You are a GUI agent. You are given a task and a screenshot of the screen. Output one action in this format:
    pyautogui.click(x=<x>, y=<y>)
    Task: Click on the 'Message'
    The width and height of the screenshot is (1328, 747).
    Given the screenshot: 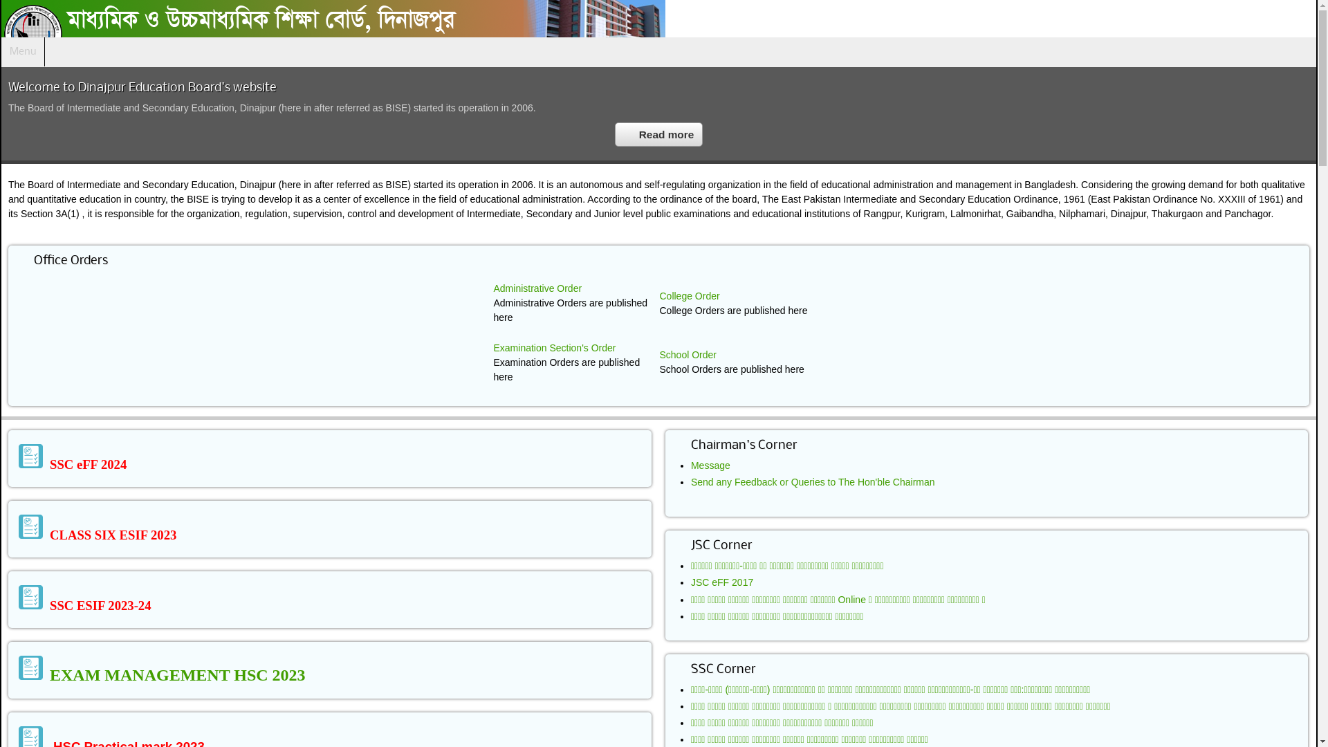 What is the action you would take?
    pyautogui.click(x=710, y=465)
    